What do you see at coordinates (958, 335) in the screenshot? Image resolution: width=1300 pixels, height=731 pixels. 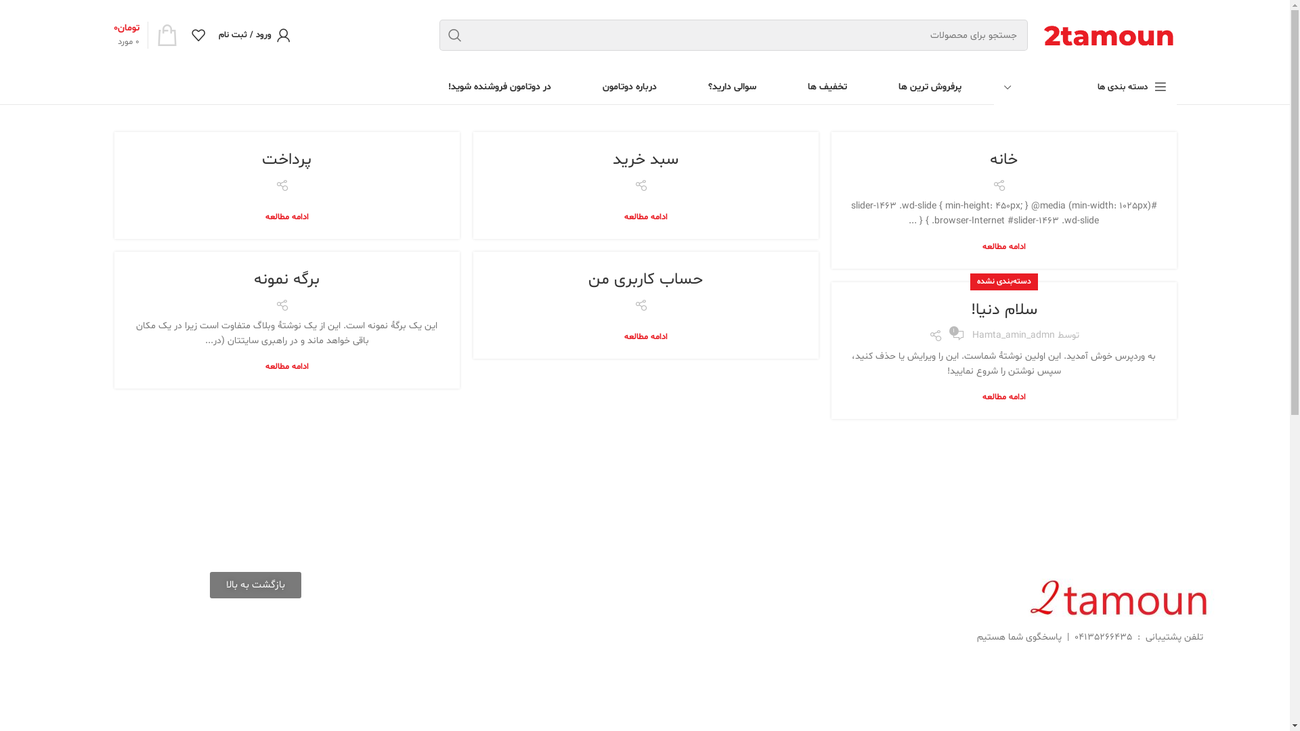 I see `'1'` at bounding box center [958, 335].